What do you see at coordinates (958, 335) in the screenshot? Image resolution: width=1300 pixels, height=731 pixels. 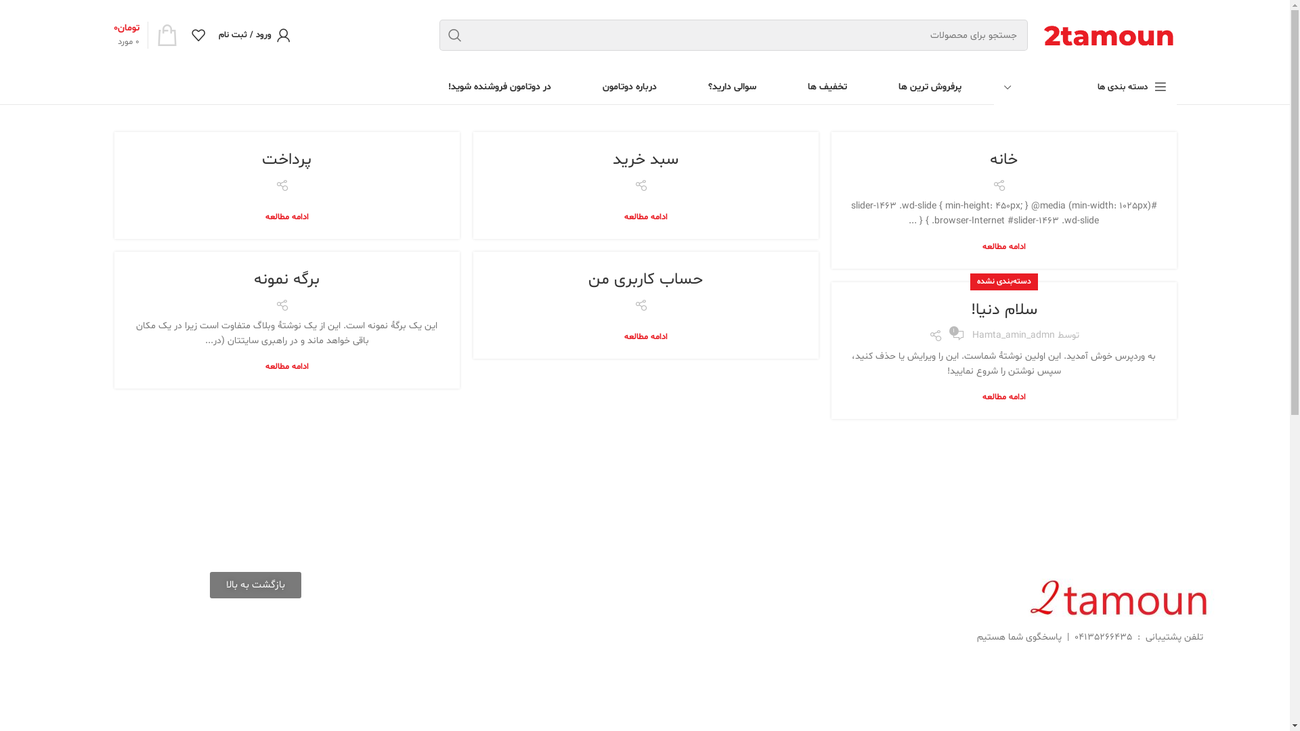 I see `'1'` at bounding box center [958, 335].